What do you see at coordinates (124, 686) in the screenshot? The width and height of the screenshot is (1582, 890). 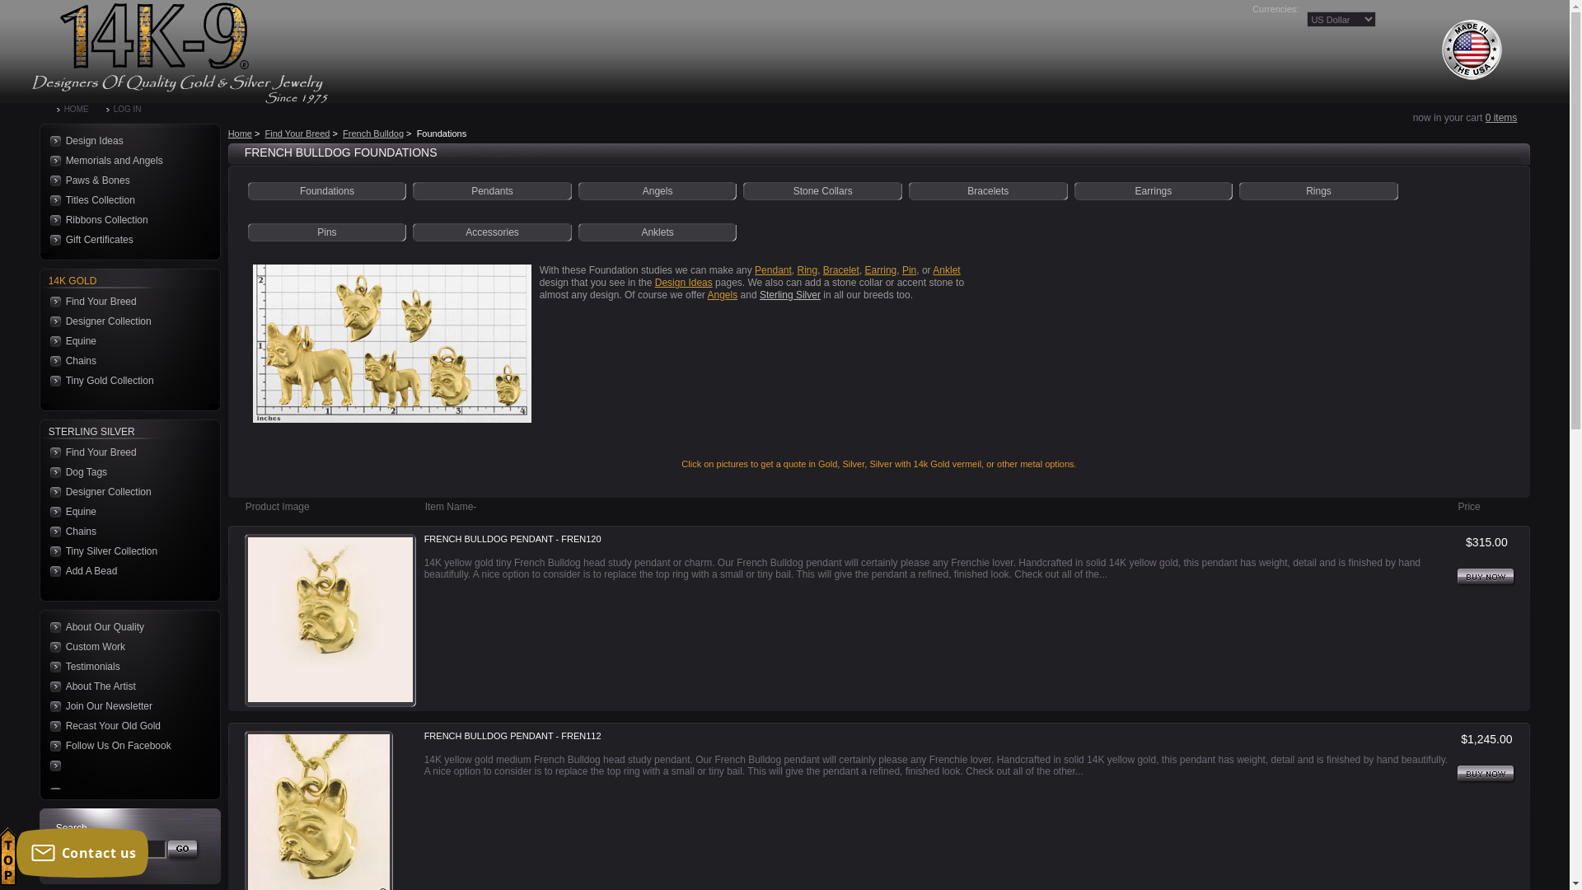 I see `'About The Artist'` at bounding box center [124, 686].